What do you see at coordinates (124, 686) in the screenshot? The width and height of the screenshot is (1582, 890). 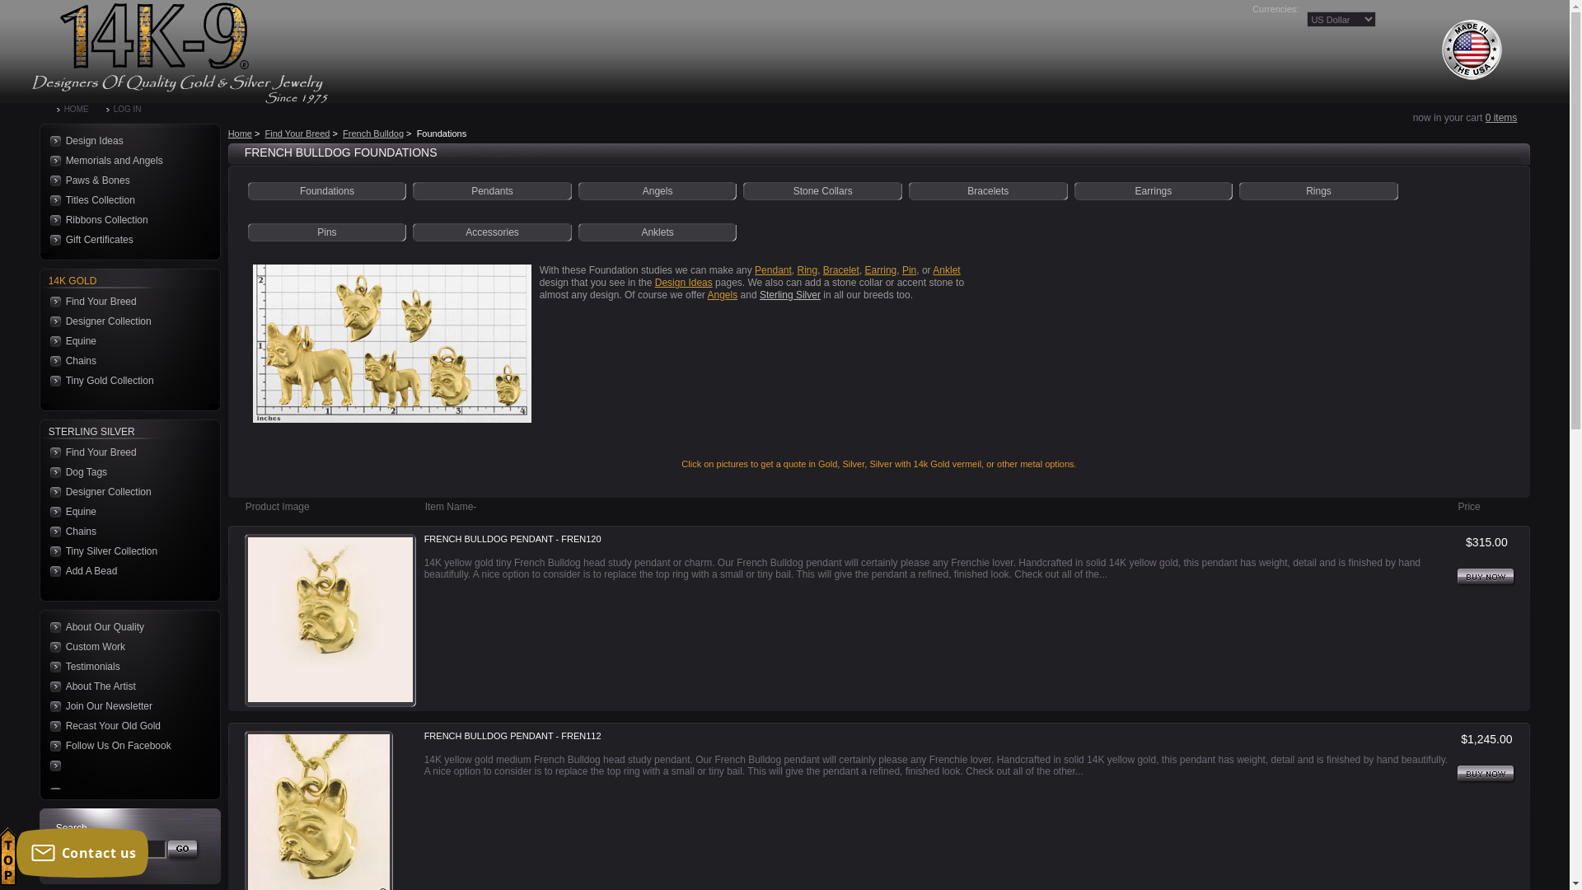 I see `'About The Artist'` at bounding box center [124, 686].